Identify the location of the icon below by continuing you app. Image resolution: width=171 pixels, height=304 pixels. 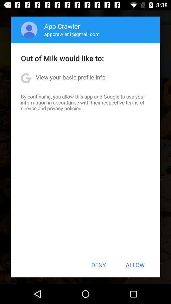
(98, 265).